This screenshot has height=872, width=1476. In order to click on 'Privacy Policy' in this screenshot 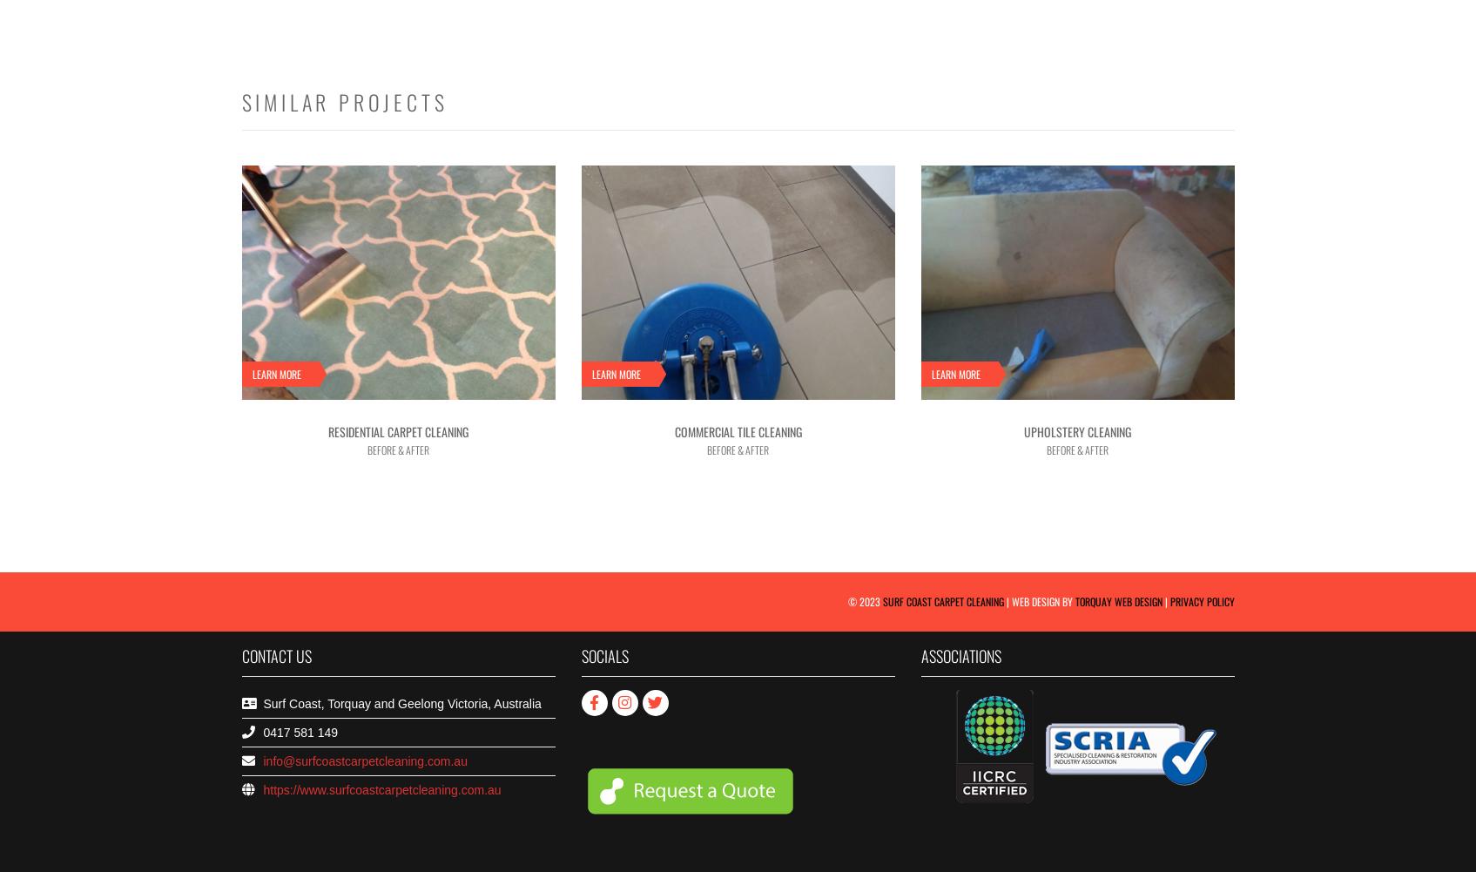, I will do `click(1169, 599)`.